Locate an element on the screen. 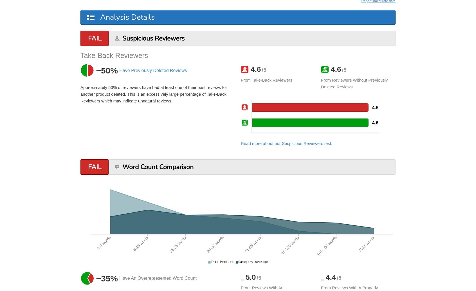 The width and height of the screenshot is (476, 291). 'Approximately 50%  of reviewers  have had at least one of their past reviews for another product deleted.  This is an excessively large percentage of Take-Back Reviewers which may indicate unnatural reviews.' is located at coordinates (154, 94).